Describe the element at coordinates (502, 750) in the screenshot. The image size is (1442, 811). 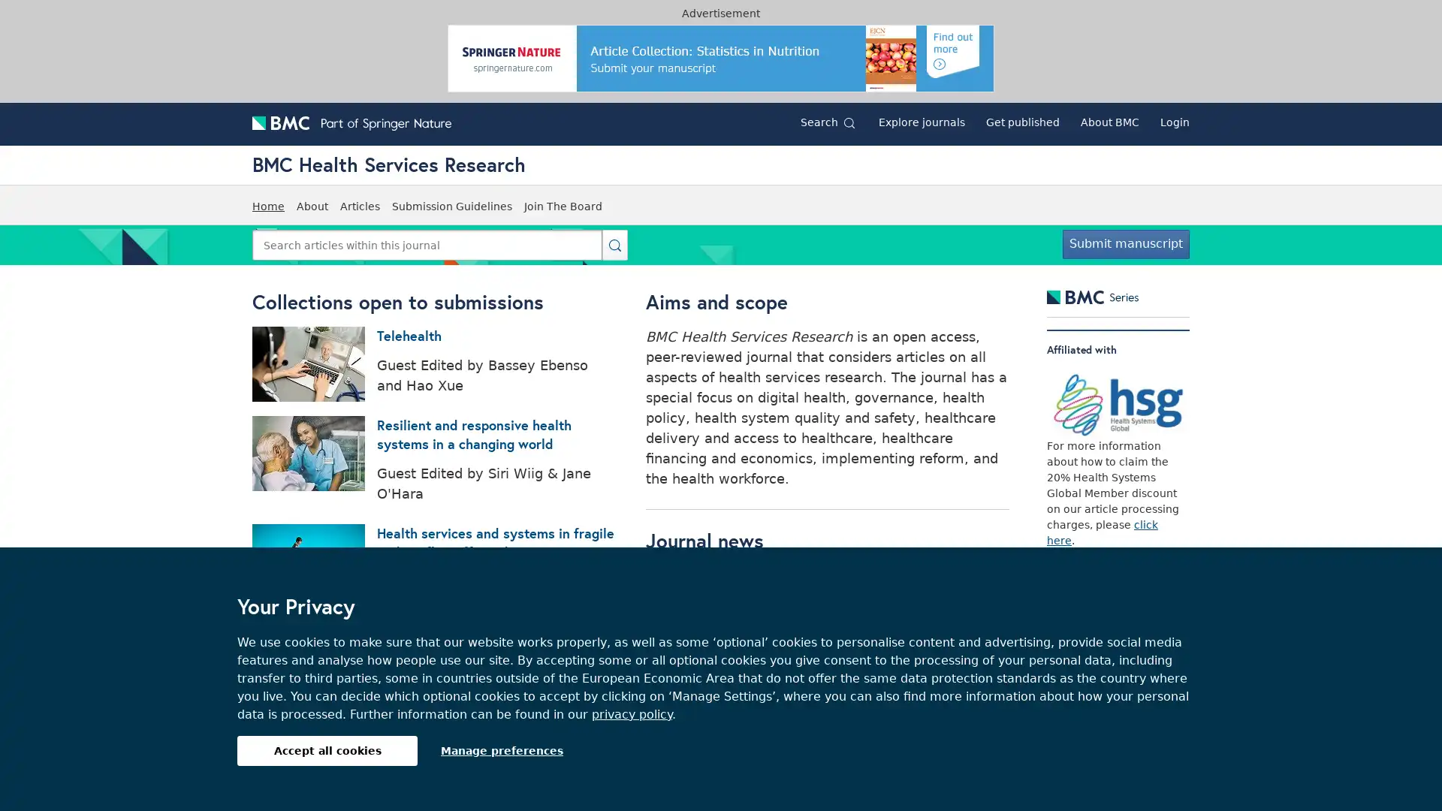
I see `Manage preferences` at that location.